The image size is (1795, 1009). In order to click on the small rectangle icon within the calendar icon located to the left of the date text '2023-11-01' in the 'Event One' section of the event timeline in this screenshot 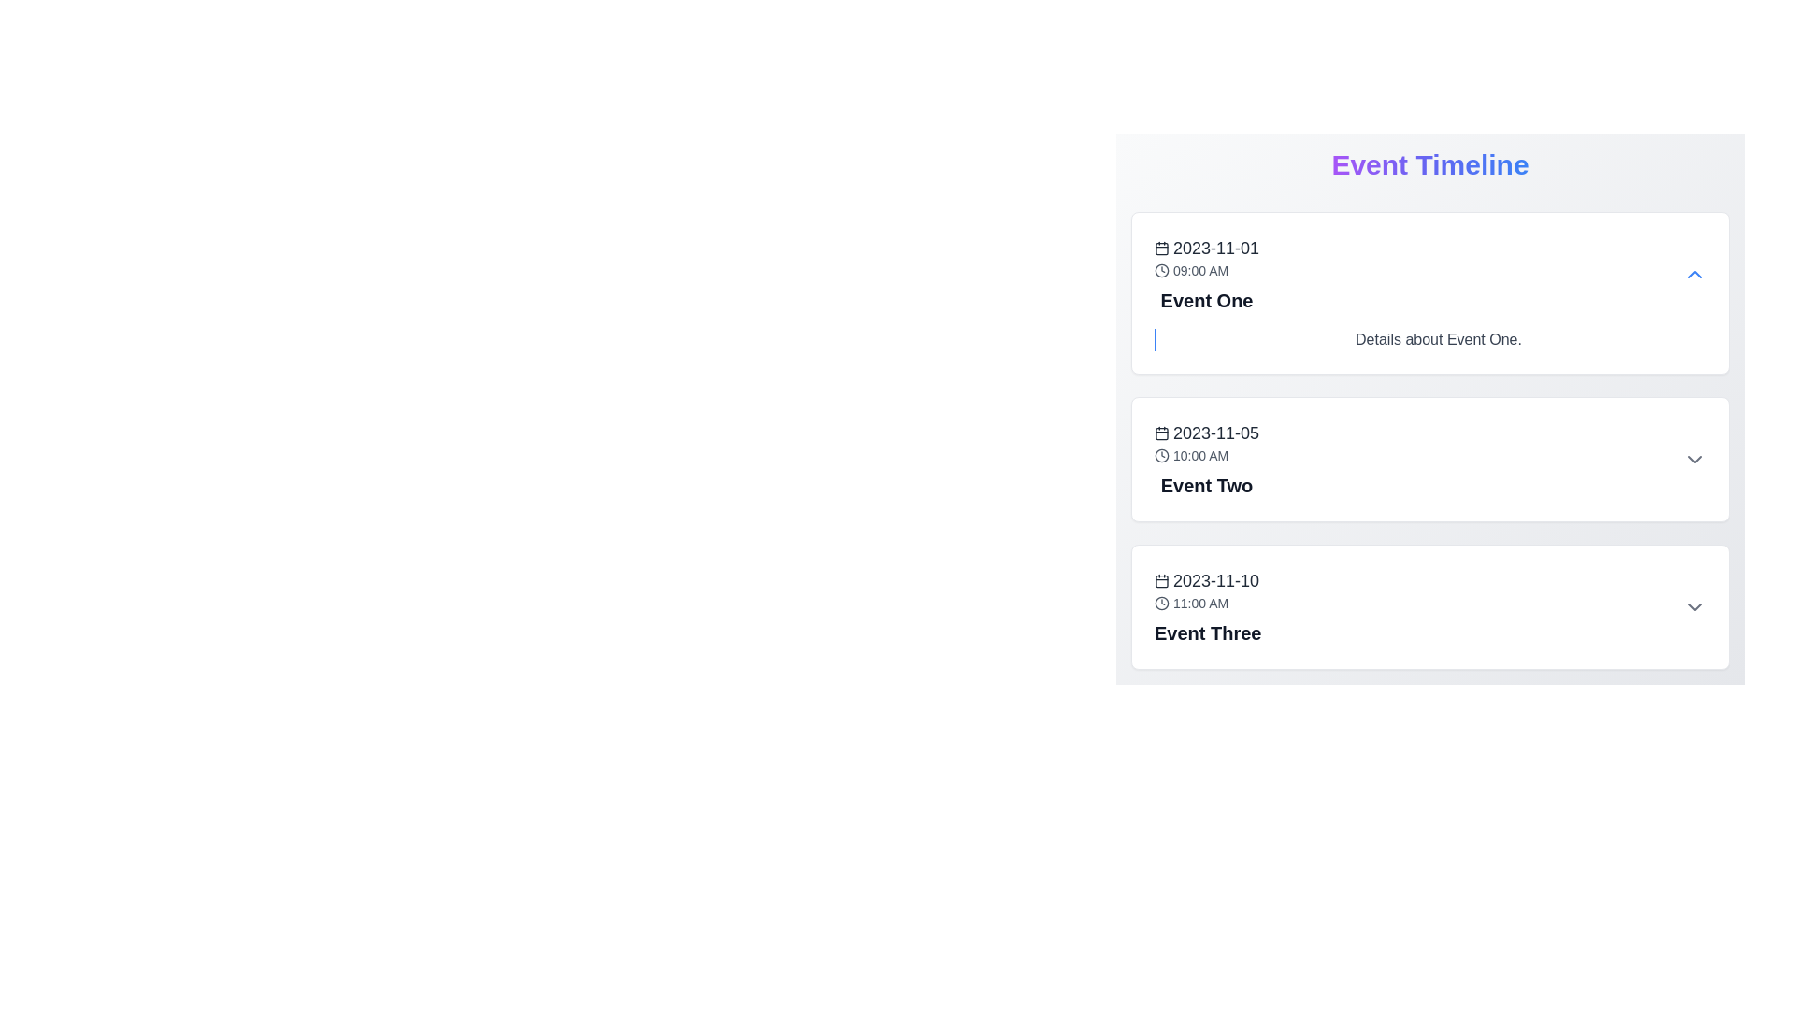, I will do `click(1161, 248)`.